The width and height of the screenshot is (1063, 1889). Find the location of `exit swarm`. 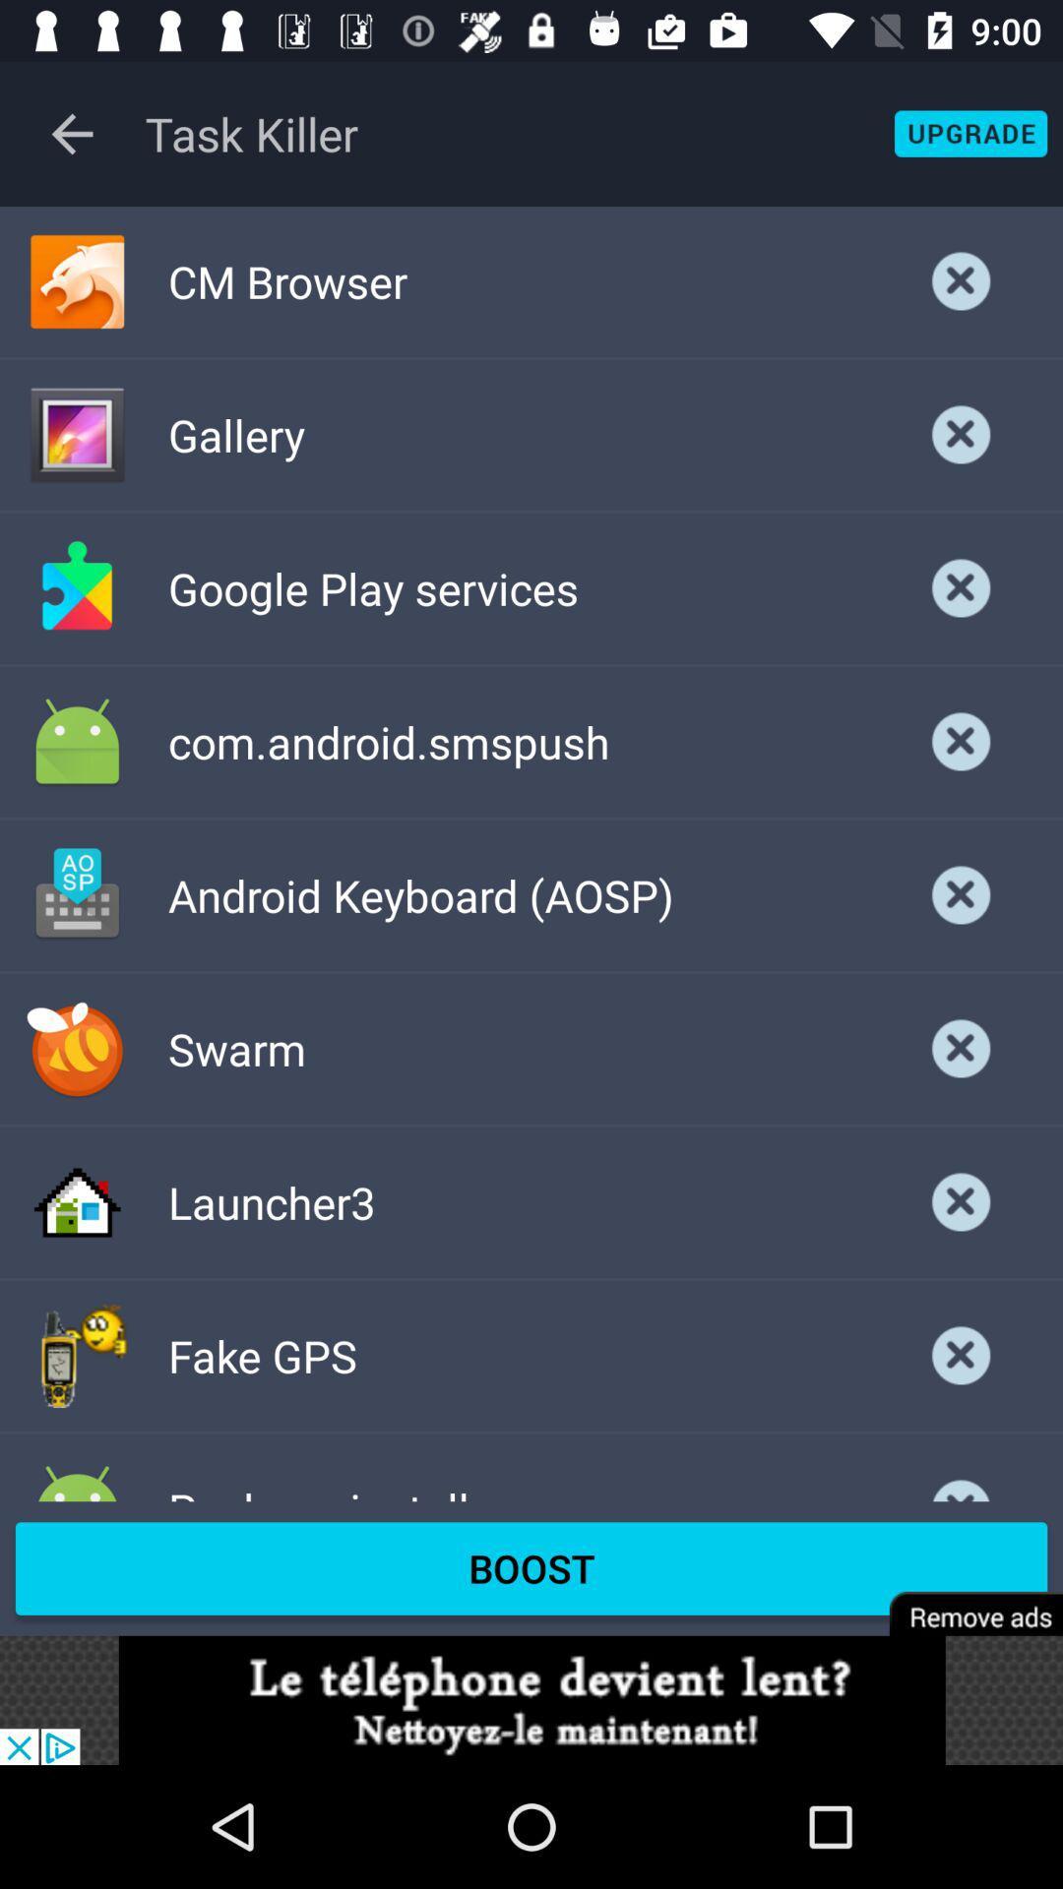

exit swarm is located at coordinates (961, 1048).